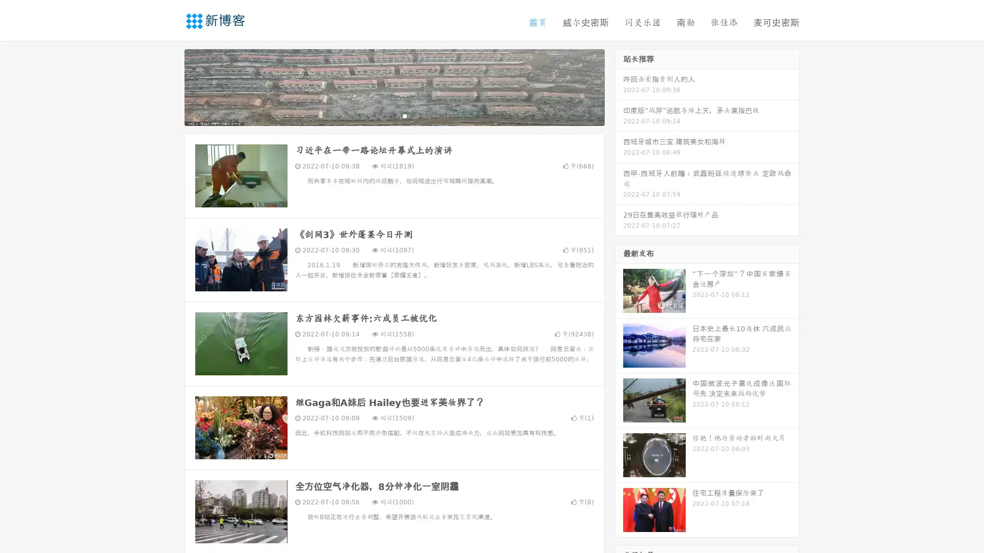 Image resolution: width=984 pixels, height=553 pixels. I want to click on Go to slide 2, so click(394, 115).